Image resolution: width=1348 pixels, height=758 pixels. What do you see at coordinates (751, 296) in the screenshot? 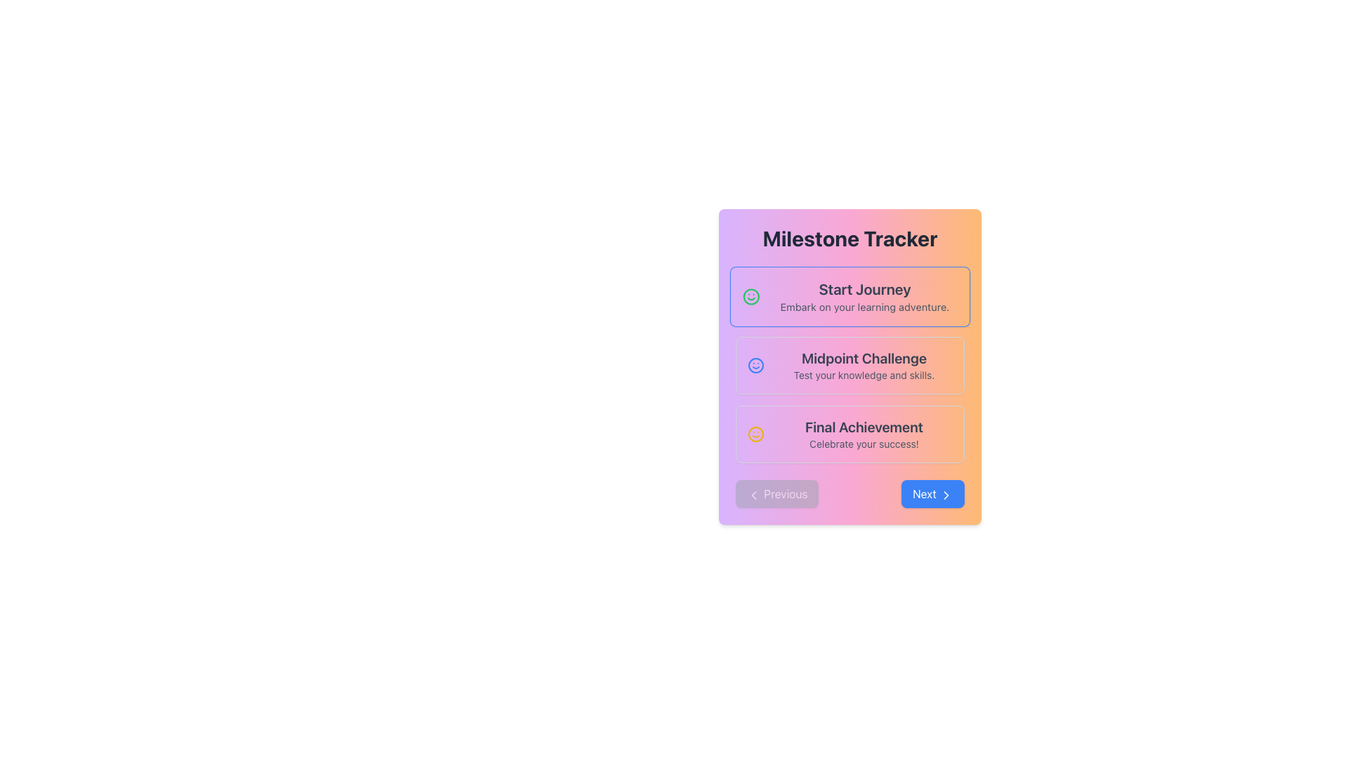
I see `the circular graphic that represents the boundary of the smiling face illustration in the milestone tracker interface, which is central to the 'Start Journey' step` at bounding box center [751, 296].